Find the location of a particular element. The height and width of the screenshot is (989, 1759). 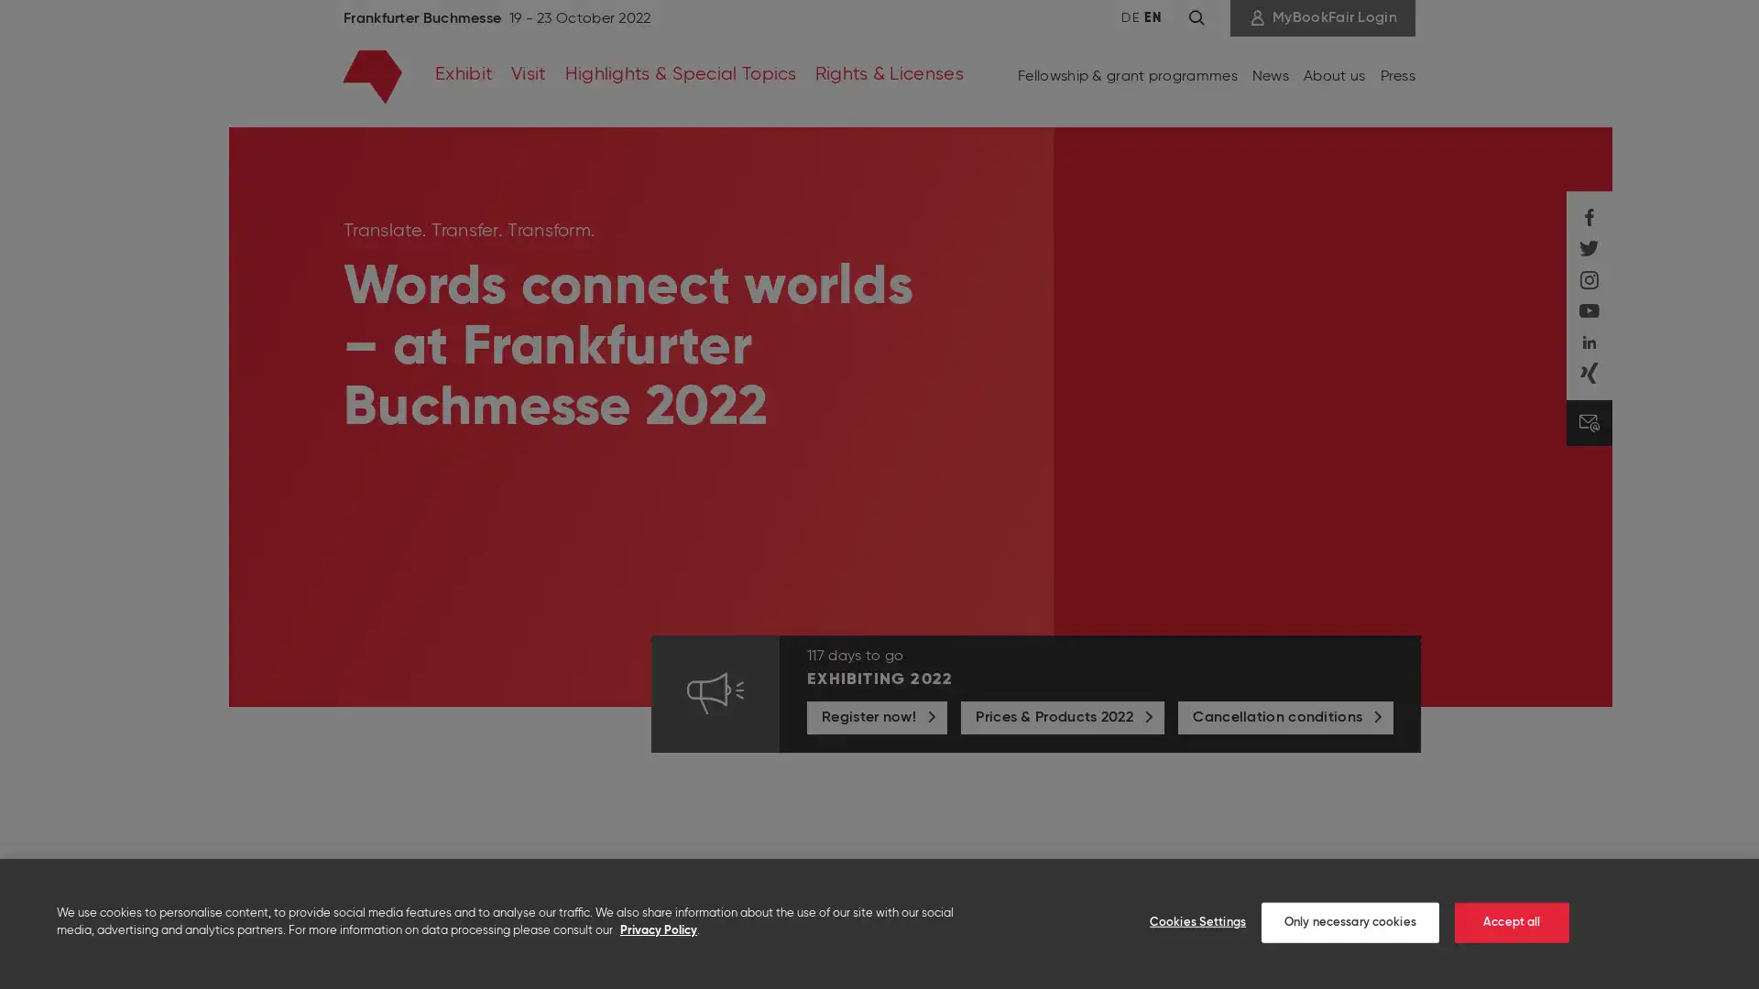

Only necessary cookies is located at coordinates (1349, 921).